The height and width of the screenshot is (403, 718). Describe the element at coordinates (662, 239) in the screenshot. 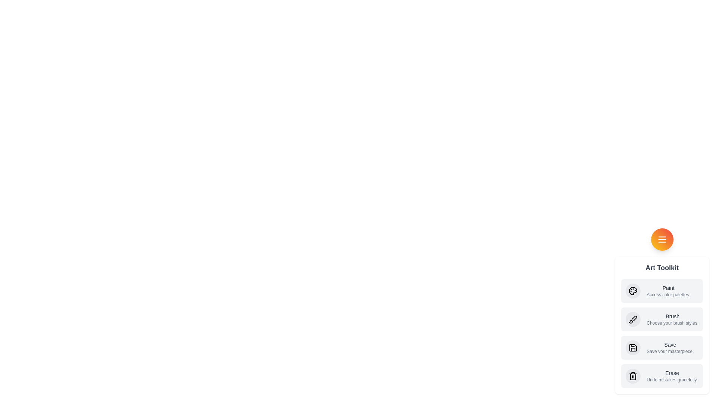

I see `the floating action button to toggle the menu visibility` at that location.